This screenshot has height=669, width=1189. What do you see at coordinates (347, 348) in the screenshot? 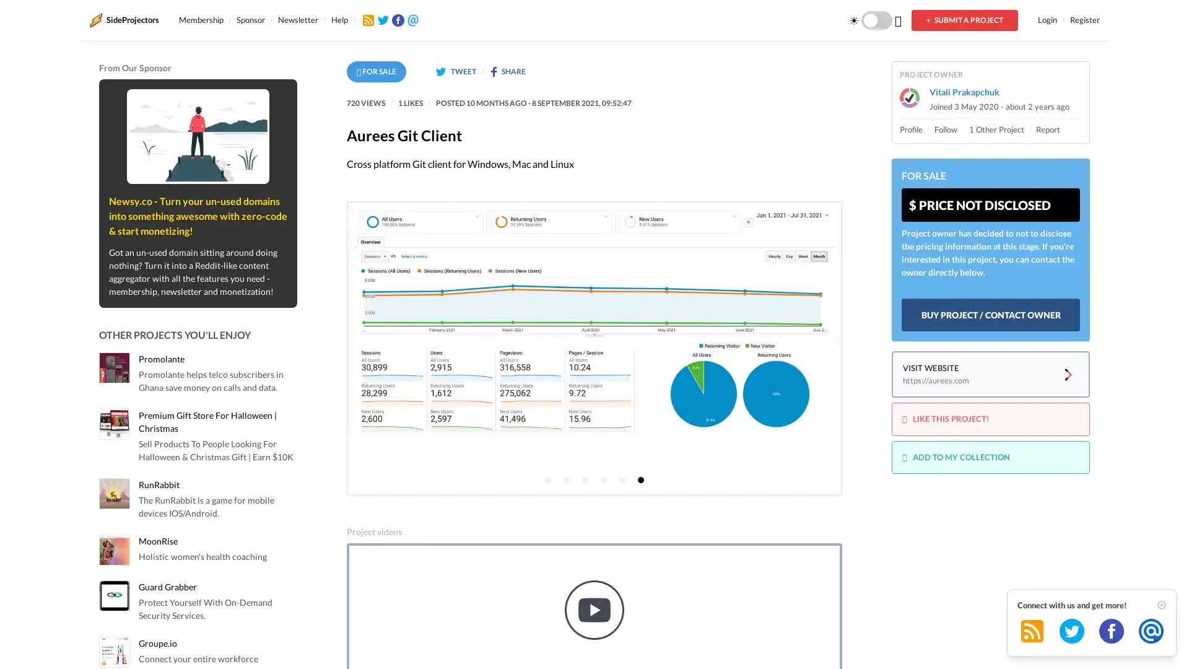
I see `Previous page` at bounding box center [347, 348].